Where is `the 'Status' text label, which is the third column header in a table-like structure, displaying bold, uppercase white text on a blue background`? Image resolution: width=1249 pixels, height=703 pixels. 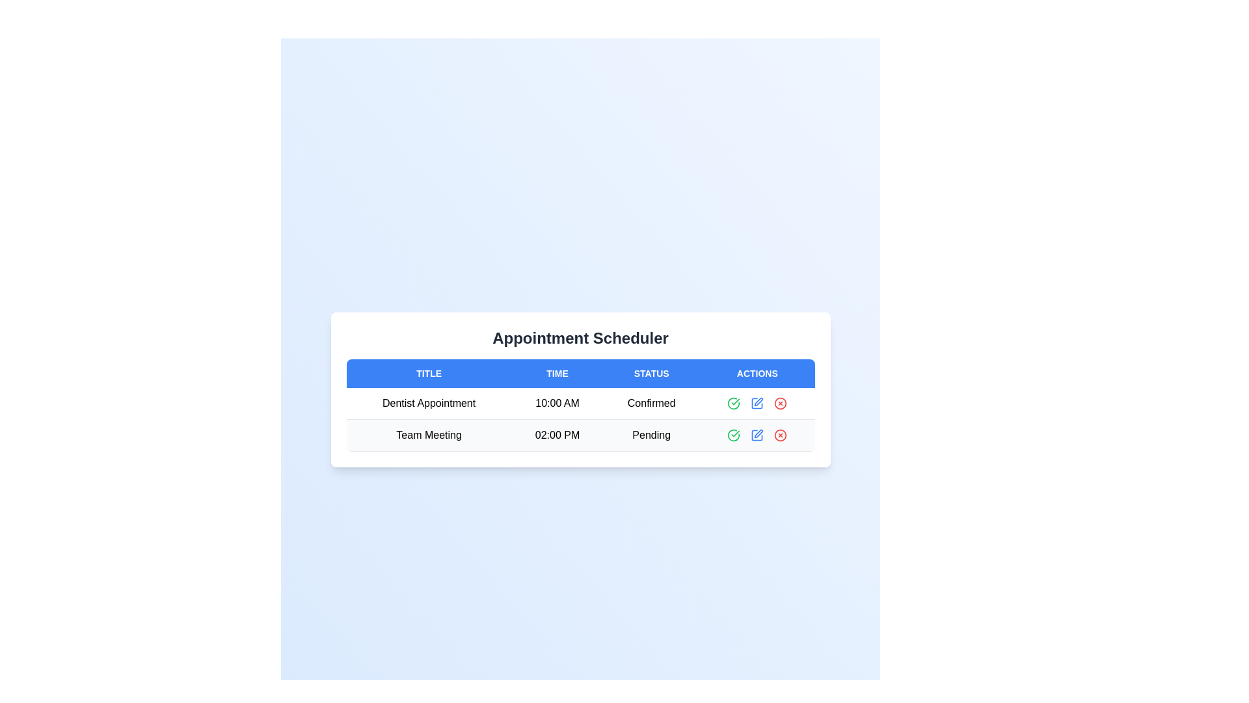
the 'Status' text label, which is the third column header in a table-like structure, displaying bold, uppercase white text on a blue background is located at coordinates (651, 374).